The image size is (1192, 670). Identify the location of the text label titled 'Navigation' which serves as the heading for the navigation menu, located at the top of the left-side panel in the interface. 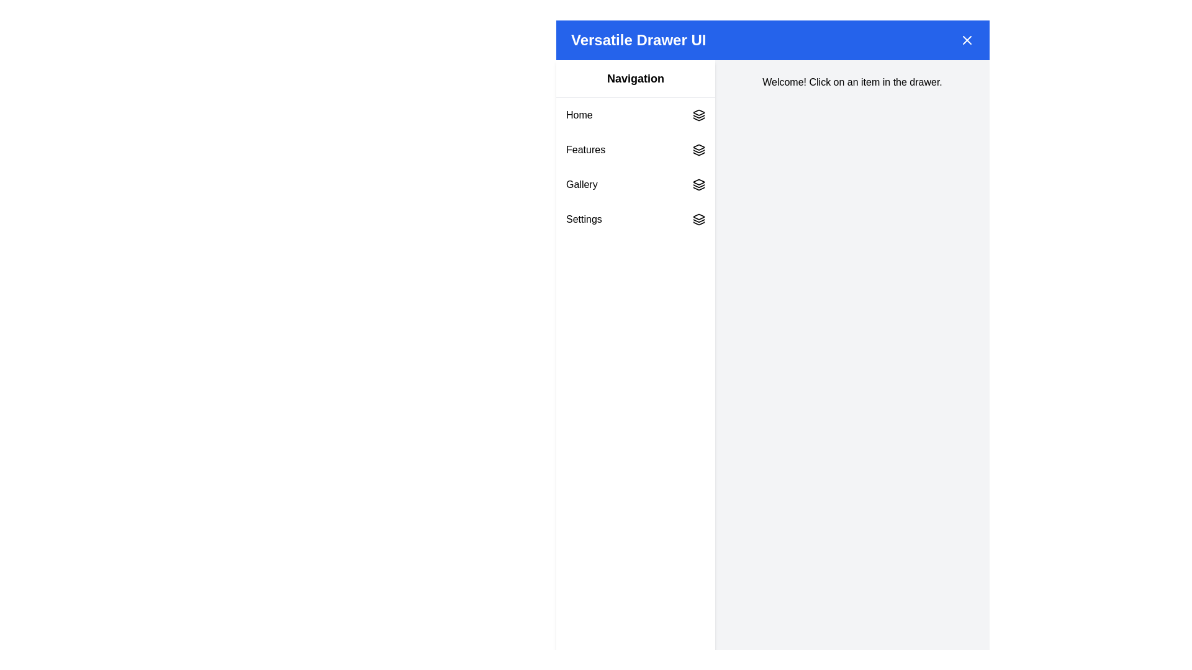
(635, 79).